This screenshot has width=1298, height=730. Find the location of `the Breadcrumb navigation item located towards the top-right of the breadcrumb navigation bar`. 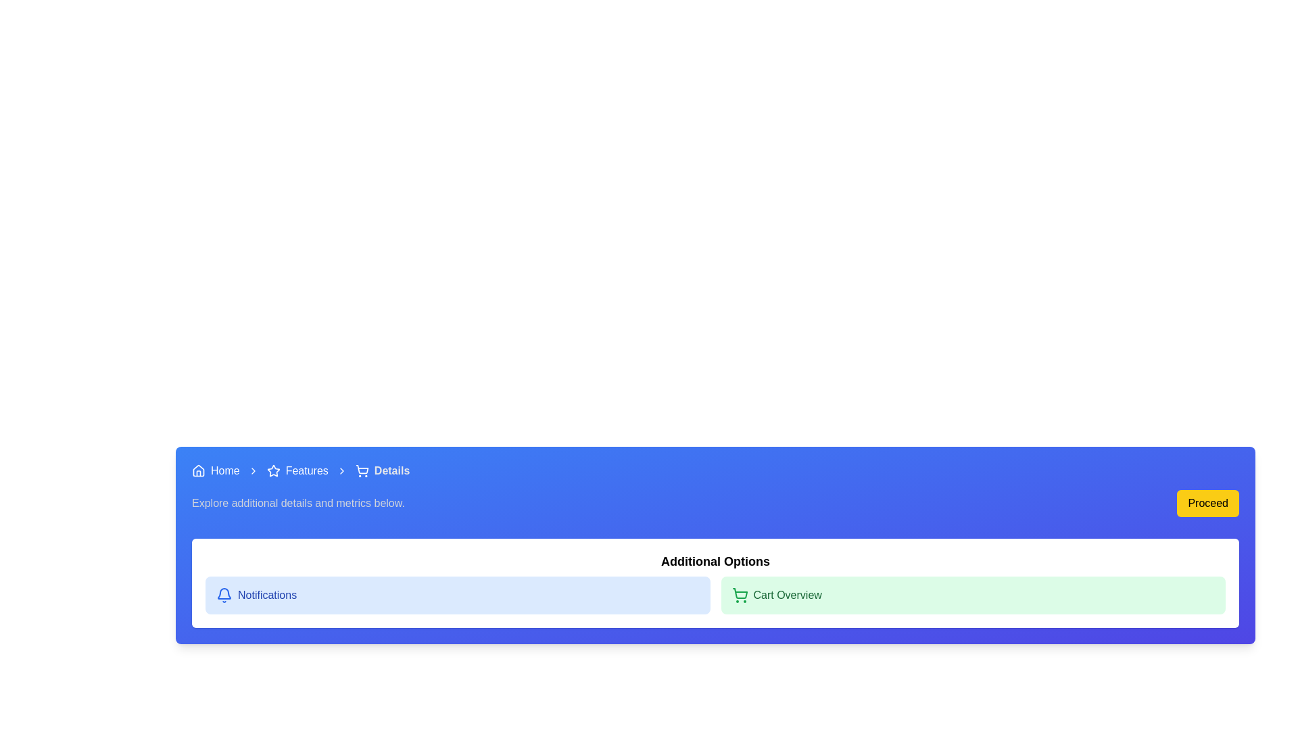

the Breadcrumb navigation item located towards the top-right of the breadcrumb navigation bar is located at coordinates (382, 470).